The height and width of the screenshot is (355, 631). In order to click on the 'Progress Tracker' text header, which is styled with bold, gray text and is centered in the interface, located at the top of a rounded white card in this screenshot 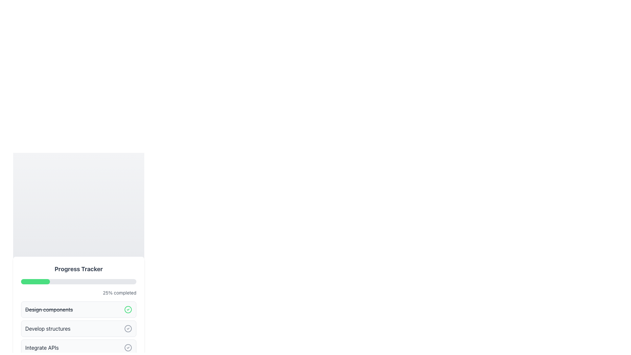, I will do `click(79, 269)`.